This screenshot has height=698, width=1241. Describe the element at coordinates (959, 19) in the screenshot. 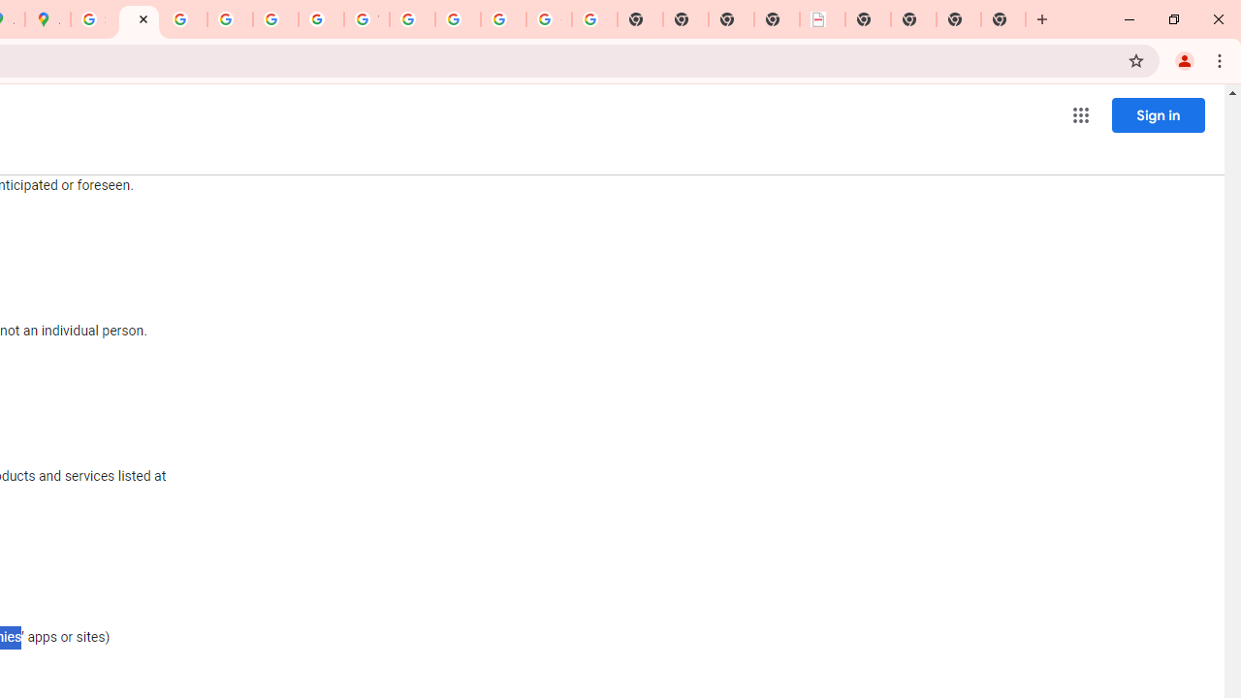

I see `'New Tab'` at that location.